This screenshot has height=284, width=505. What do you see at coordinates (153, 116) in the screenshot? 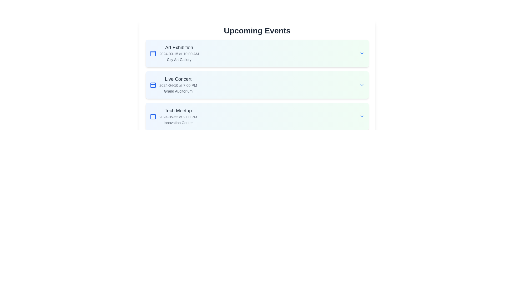
I see `the outlined blue calendar icon located to the left of the text information in the 'Tech Meetup' item within the 'Upcoming Events' list` at bounding box center [153, 116].